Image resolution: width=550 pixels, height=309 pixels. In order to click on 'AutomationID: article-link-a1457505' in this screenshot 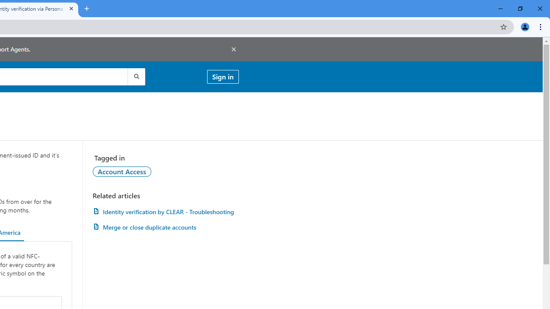, I will do `click(165, 212)`.